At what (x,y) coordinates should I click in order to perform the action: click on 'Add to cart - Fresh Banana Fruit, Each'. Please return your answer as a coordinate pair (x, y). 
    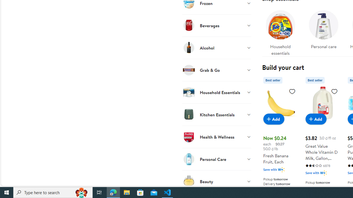
    Looking at the image, I should click on (274, 119).